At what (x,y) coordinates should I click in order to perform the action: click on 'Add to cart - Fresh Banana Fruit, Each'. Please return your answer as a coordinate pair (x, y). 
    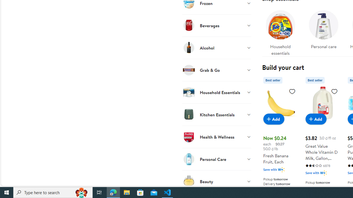
    Looking at the image, I should click on (274, 119).